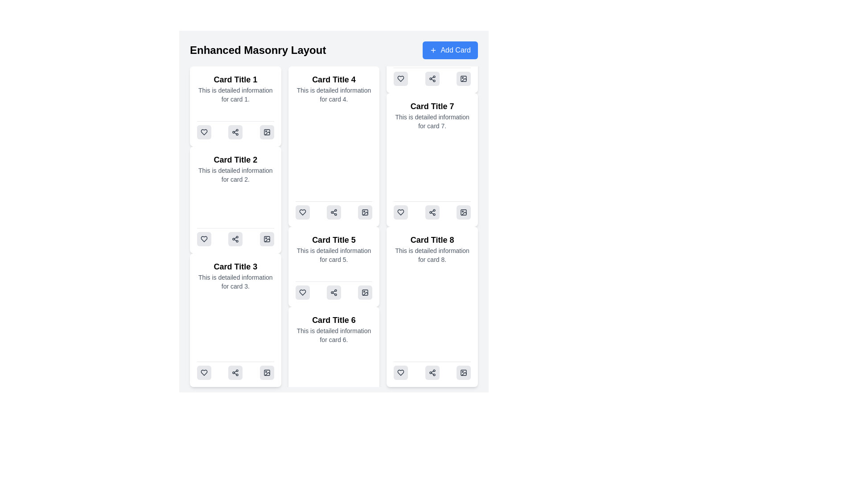 The height and width of the screenshot is (481, 856). Describe the element at coordinates (235, 175) in the screenshot. I see `the informational text located beneath 'Card Title 2' in the second card of the first column` at that location.